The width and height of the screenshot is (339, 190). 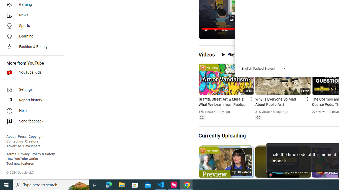 What do you see at coordinates (30, 46) in the screenshot?
I see `'Fashion & Beauty'` at bounding box center [30, 46].